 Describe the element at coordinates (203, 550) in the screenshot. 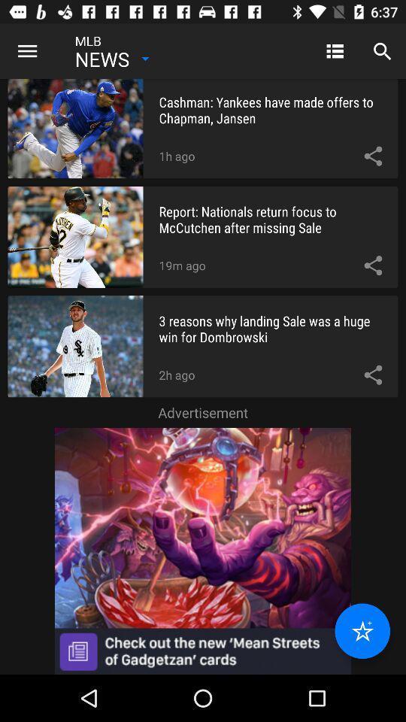

I see `ad5` at that location.